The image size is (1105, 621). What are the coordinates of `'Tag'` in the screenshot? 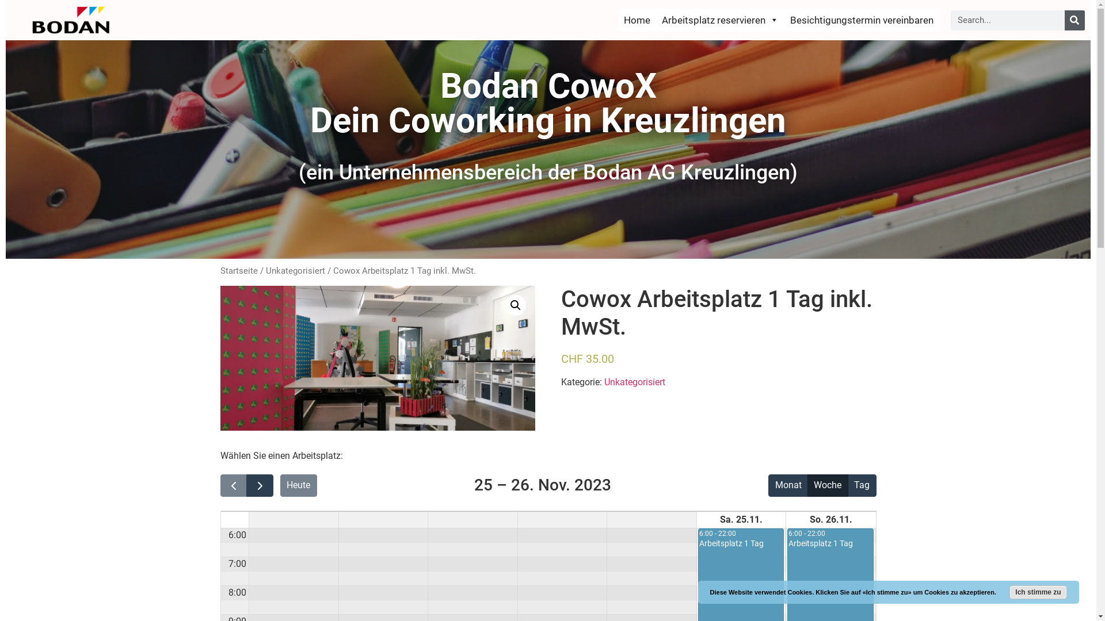 It's located at (848, 485).